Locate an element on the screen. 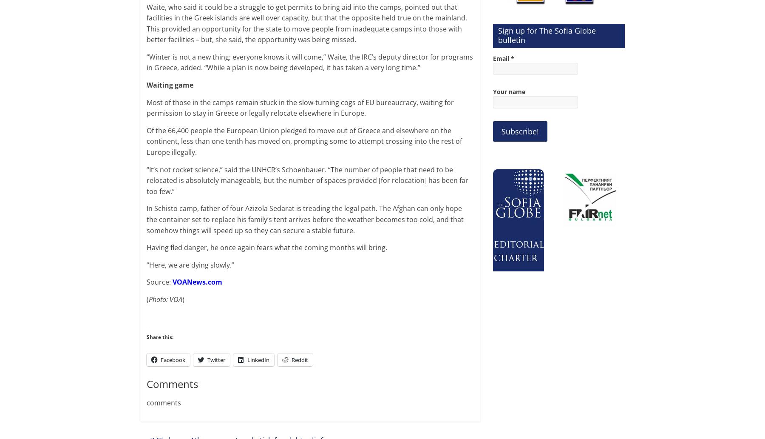 The width and height of the screenshot is (765, 439). 'VOANews.com' is located at coordinates (197, 281).